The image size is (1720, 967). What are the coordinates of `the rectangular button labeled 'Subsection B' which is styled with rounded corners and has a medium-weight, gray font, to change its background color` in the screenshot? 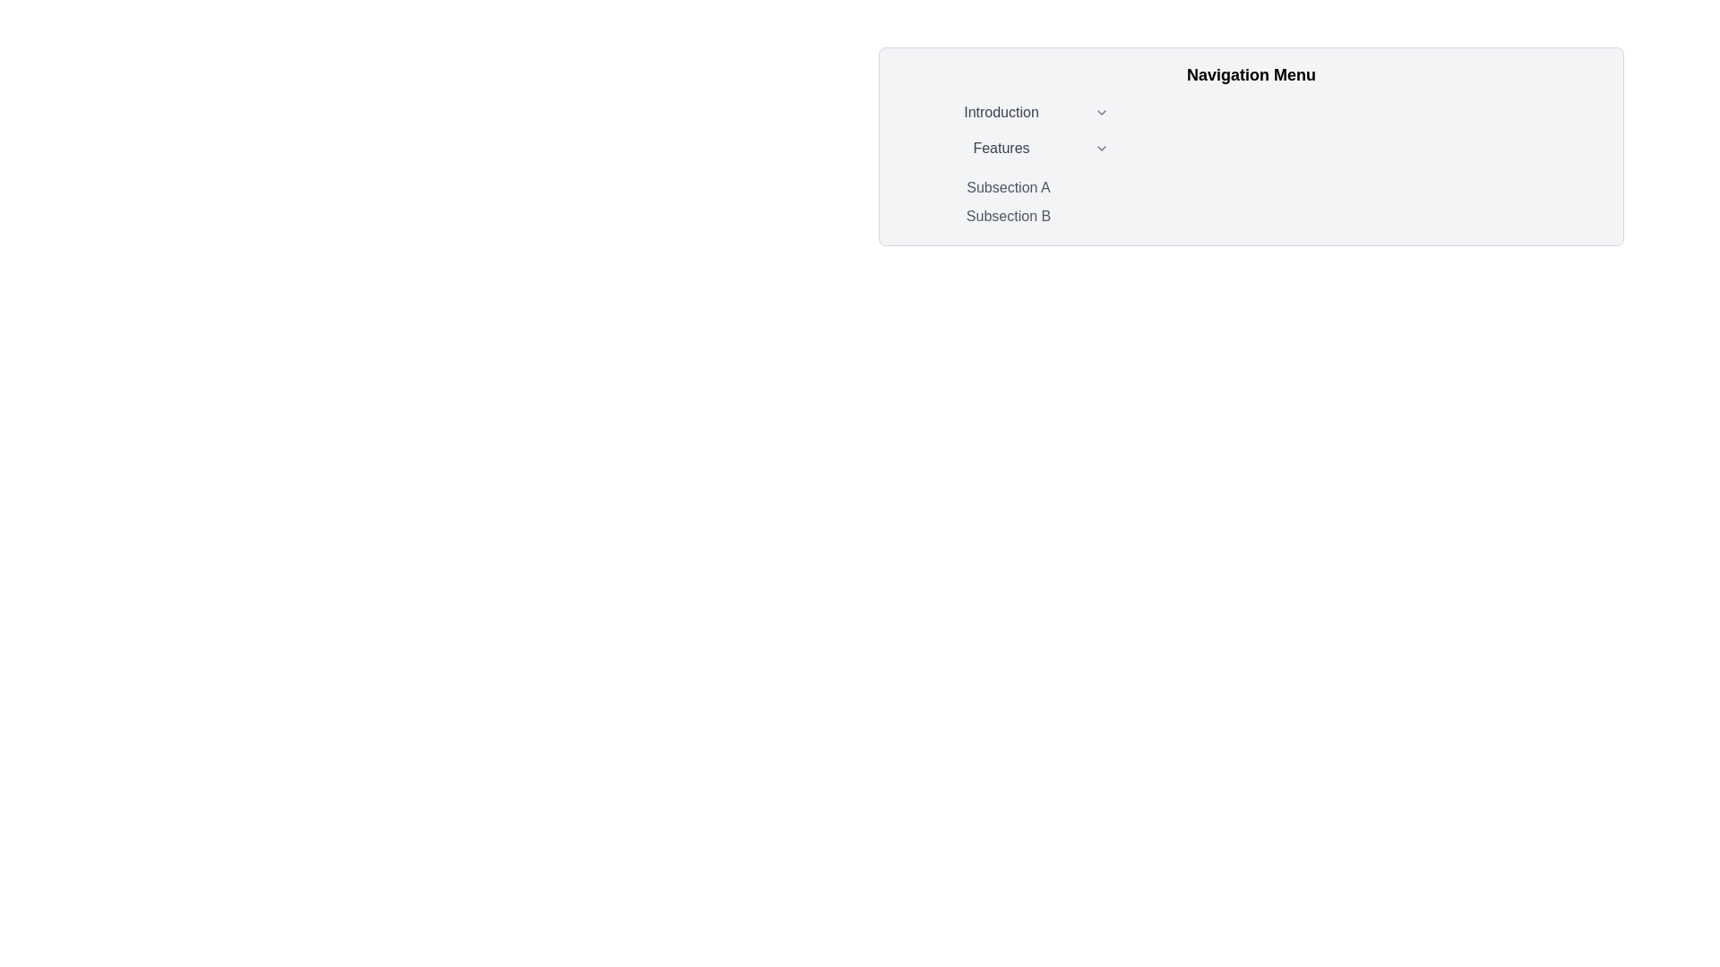 It's located at (1009, 216).